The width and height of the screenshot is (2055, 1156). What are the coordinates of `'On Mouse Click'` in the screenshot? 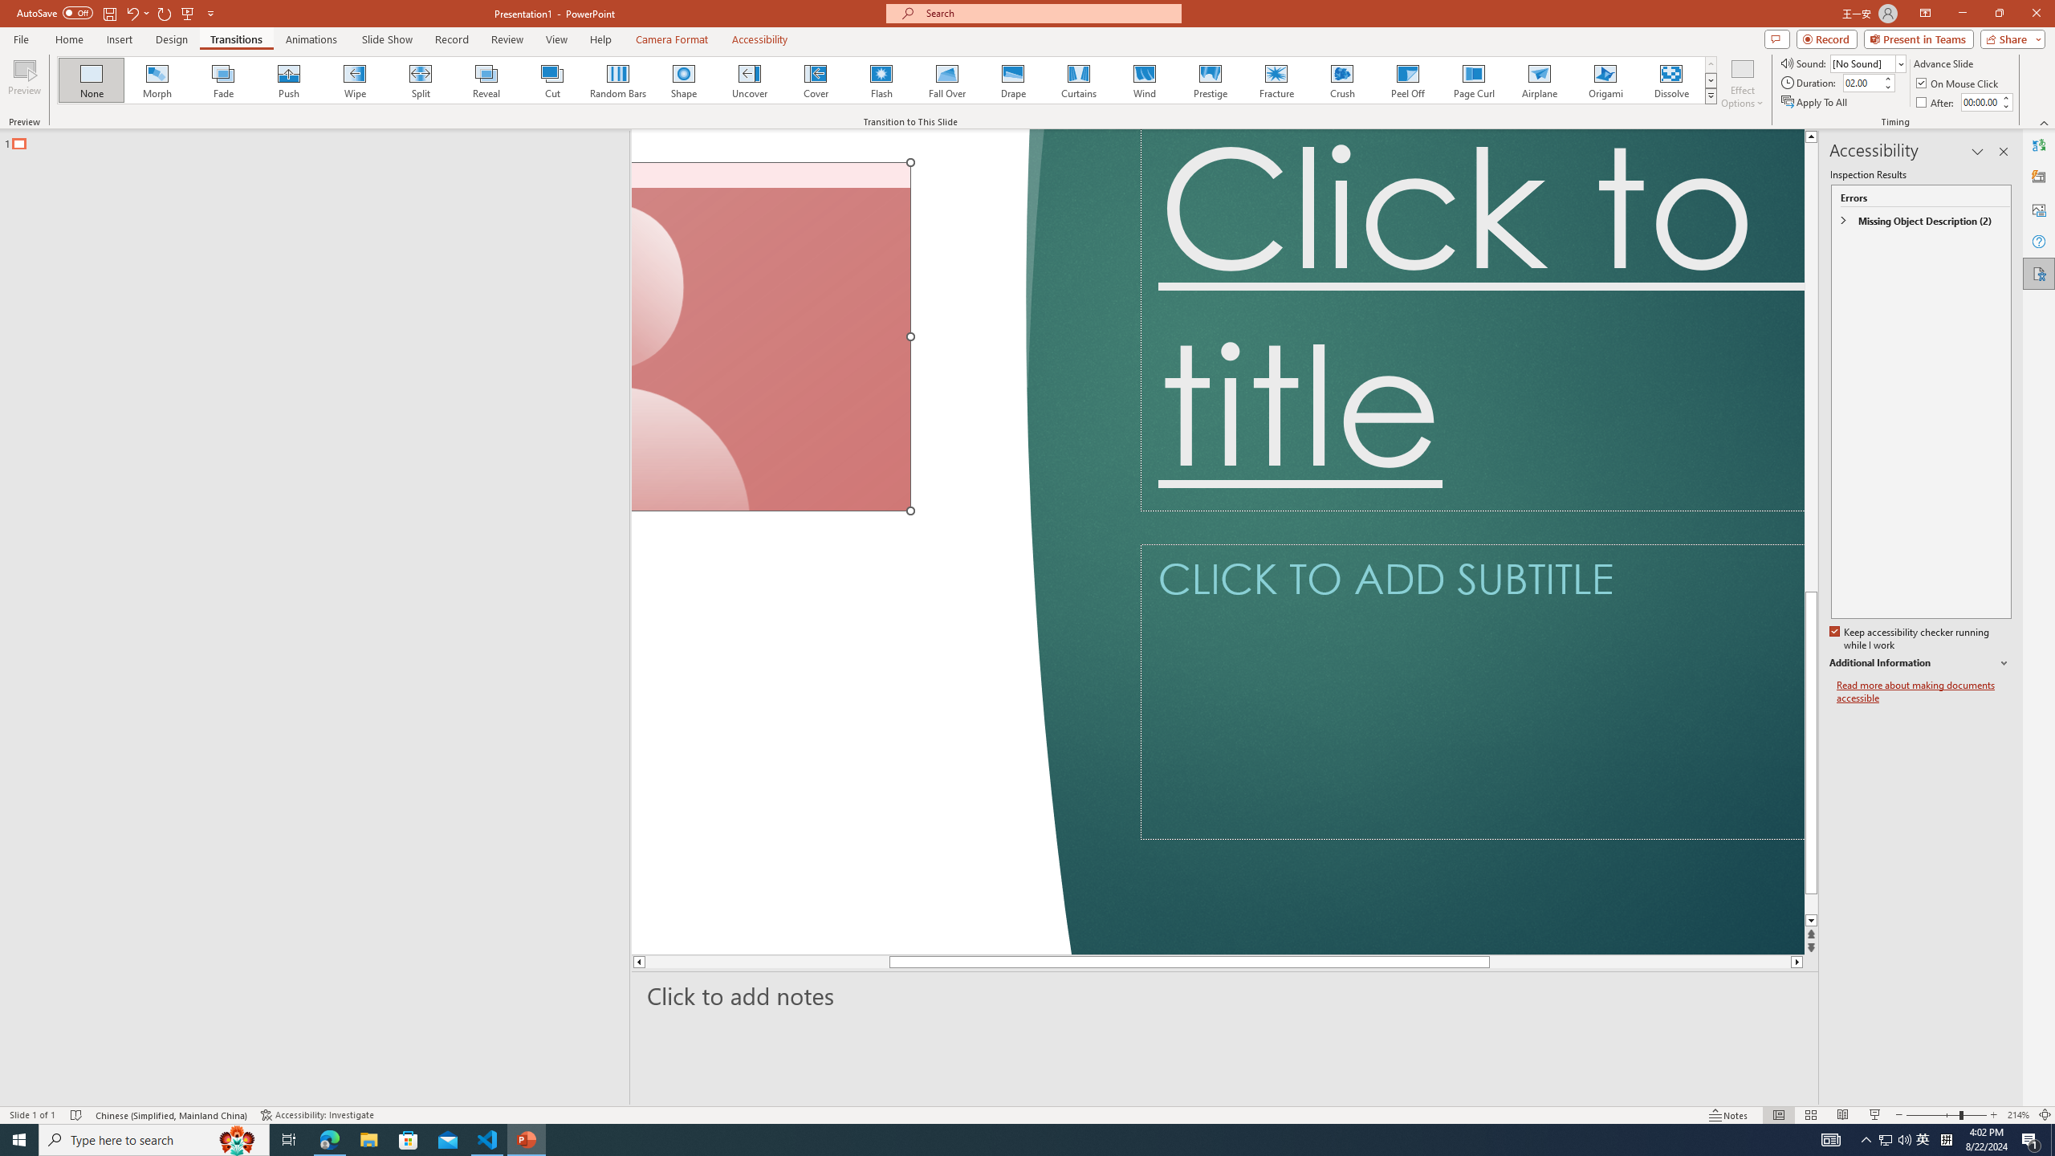 It's located at (1957, 83).